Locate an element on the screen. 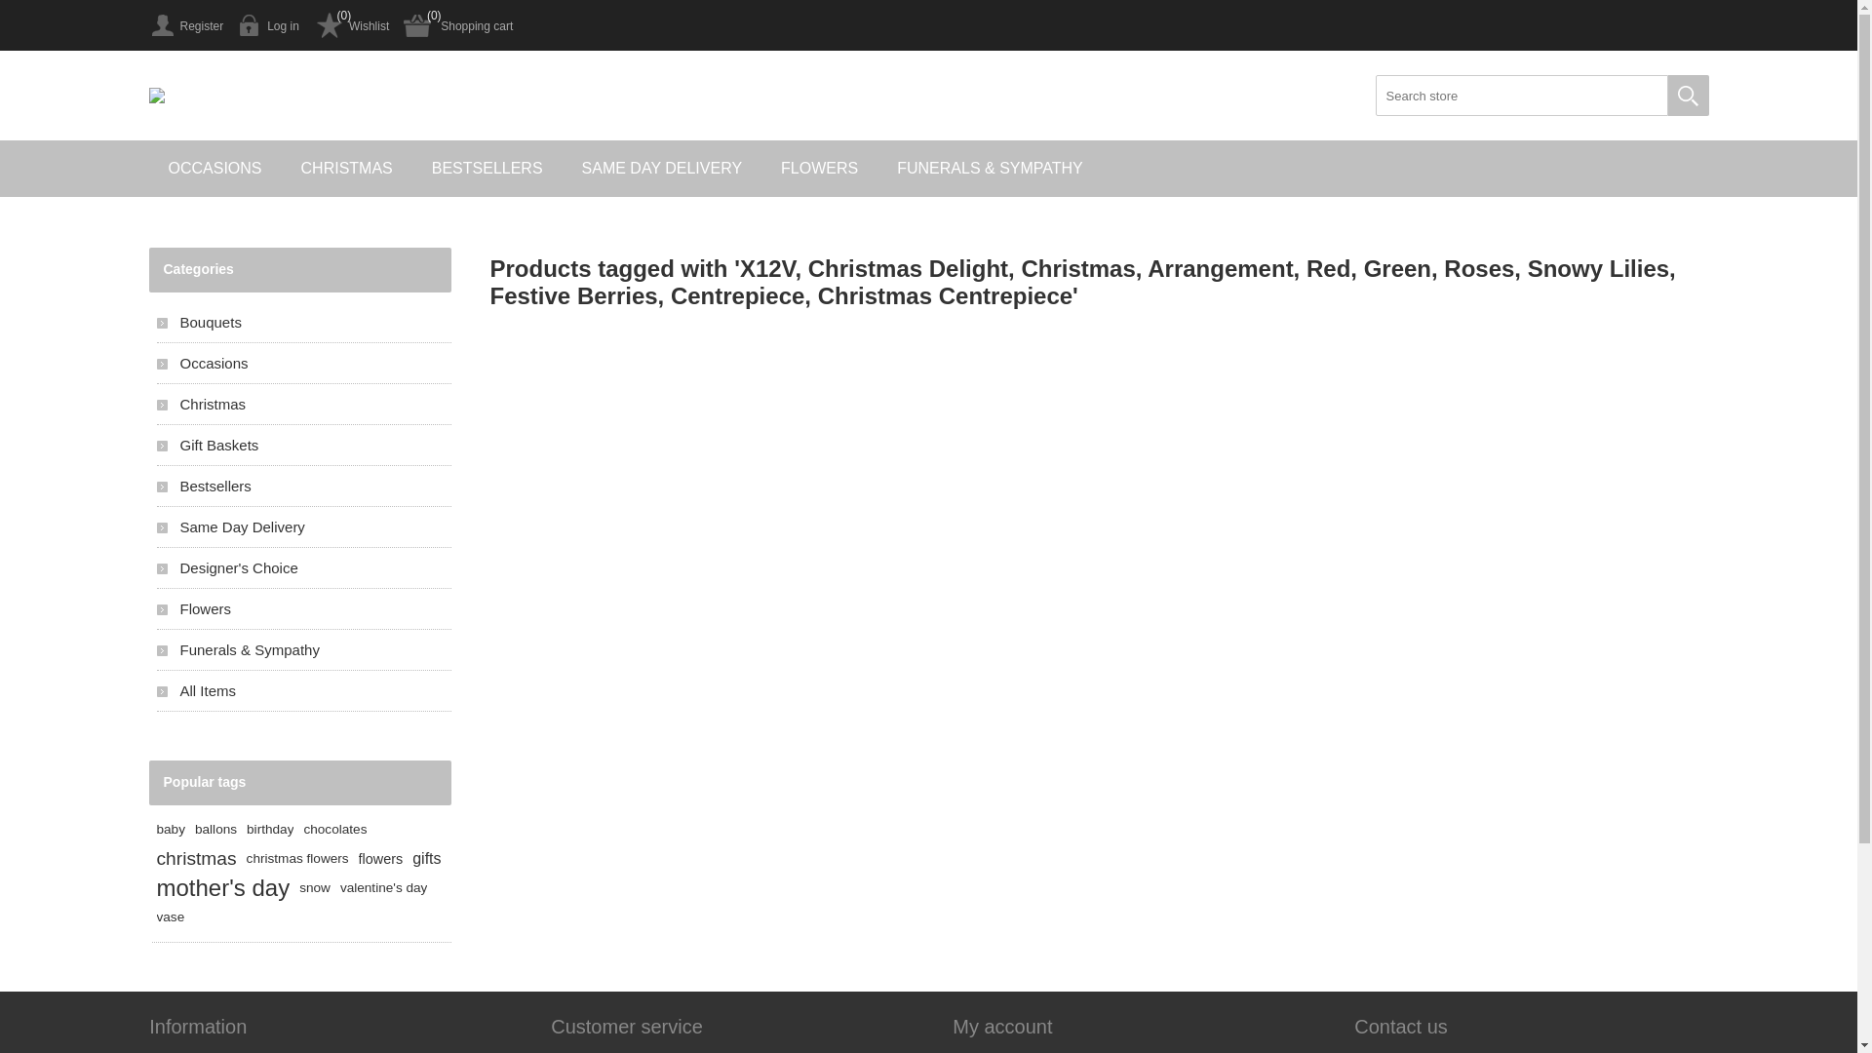 This screenshot has width=1872, height=1053. 'gifts' is located at coordinates (410, 857).